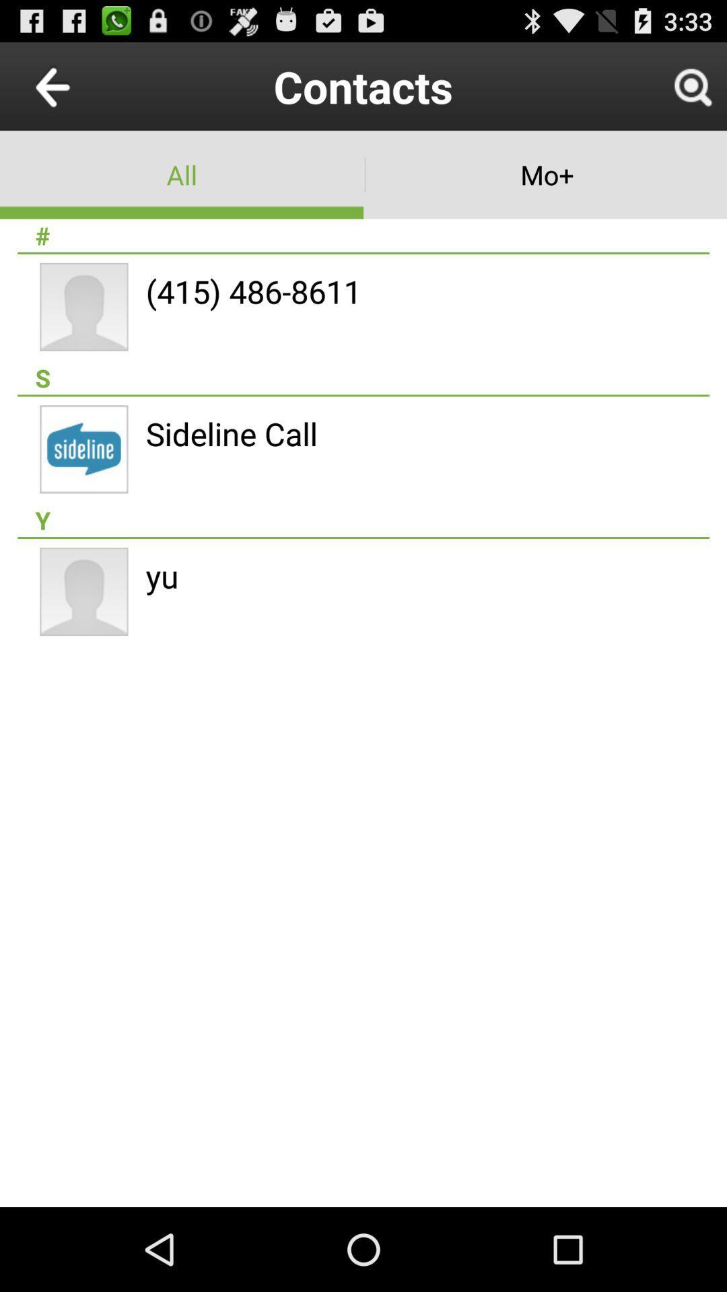  Describe the element at coordinates (692, 85) in the screenshot. I see `icon next to contacts icon` at that location.